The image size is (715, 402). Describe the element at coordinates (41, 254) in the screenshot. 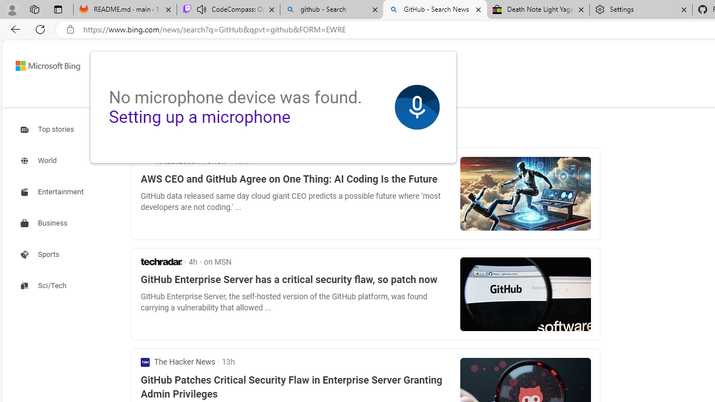

I see `'Search news about Sports'` at that location.